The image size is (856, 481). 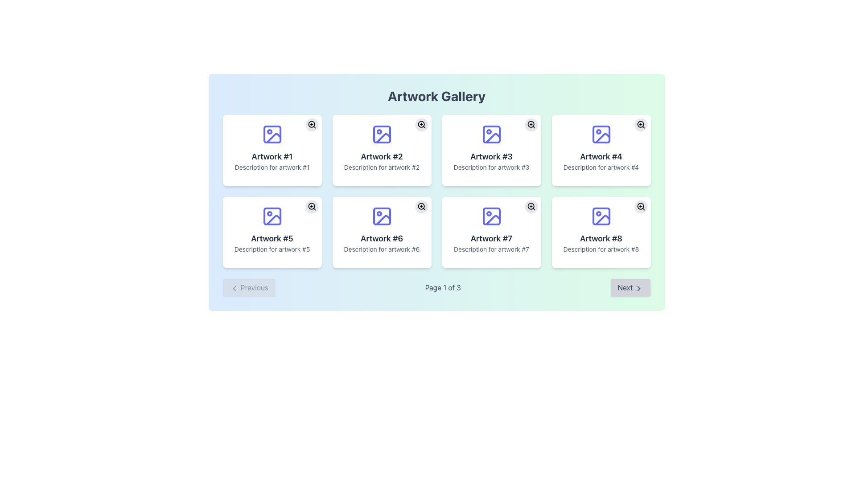 I want to click on the small rectangle with rounded corners located inside the image icon of the gallery card for 'Artwork #2', which is in the second position of the top row in the gallery, so click(x=382, y=134).